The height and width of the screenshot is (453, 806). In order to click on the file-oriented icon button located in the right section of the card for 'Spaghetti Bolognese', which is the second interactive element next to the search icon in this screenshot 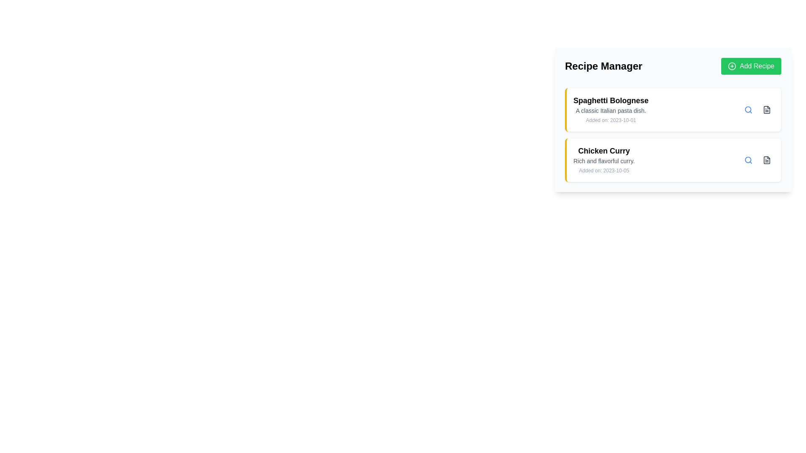, I will do `click(767, 109)`.